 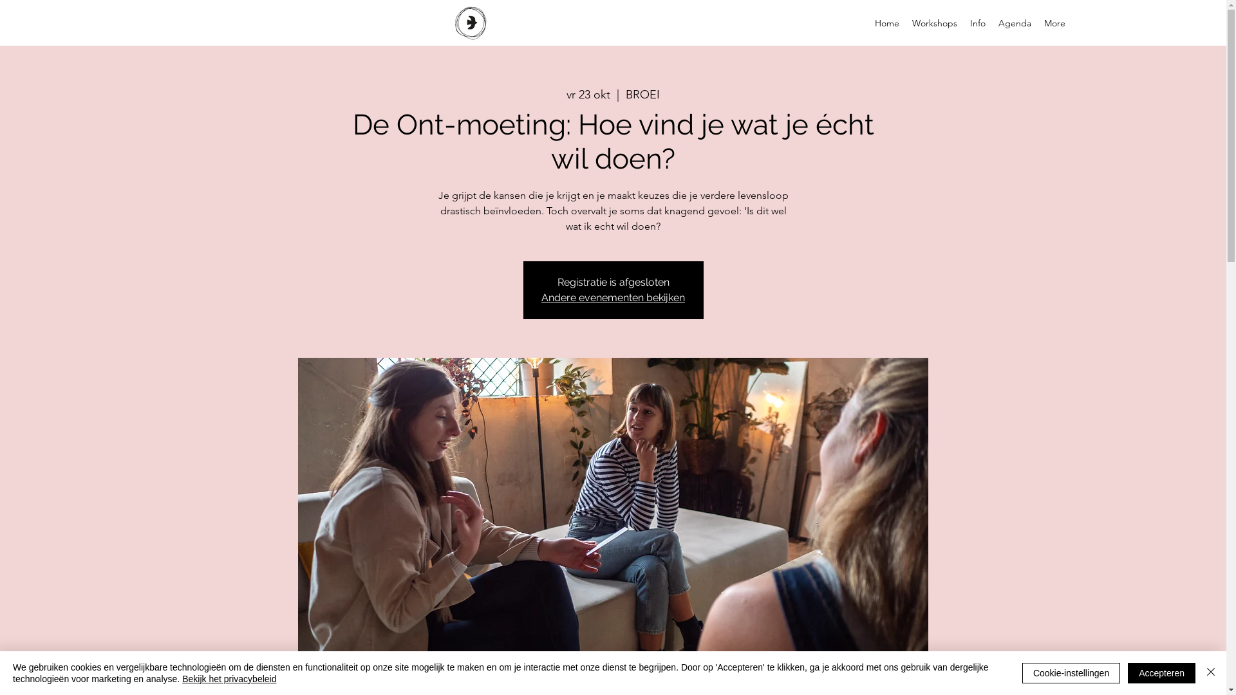 I want to click on 'Workshops', so click(x=933, y=23).